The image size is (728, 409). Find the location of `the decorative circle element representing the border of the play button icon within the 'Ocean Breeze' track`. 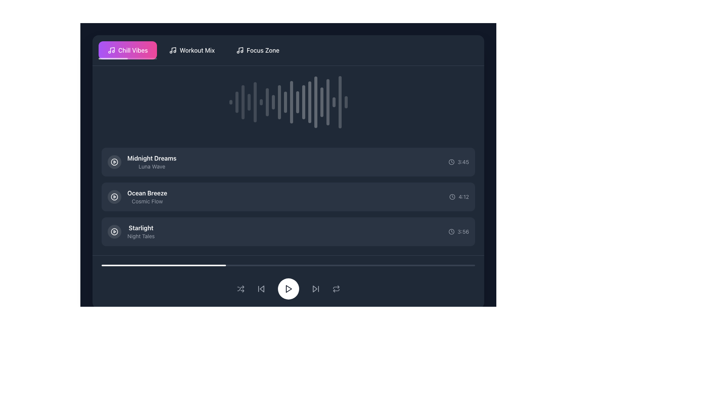

the decorative circle element representing the border of the play button icon within the 'Ocean Breeze' track is located at coordinates (114, 196).